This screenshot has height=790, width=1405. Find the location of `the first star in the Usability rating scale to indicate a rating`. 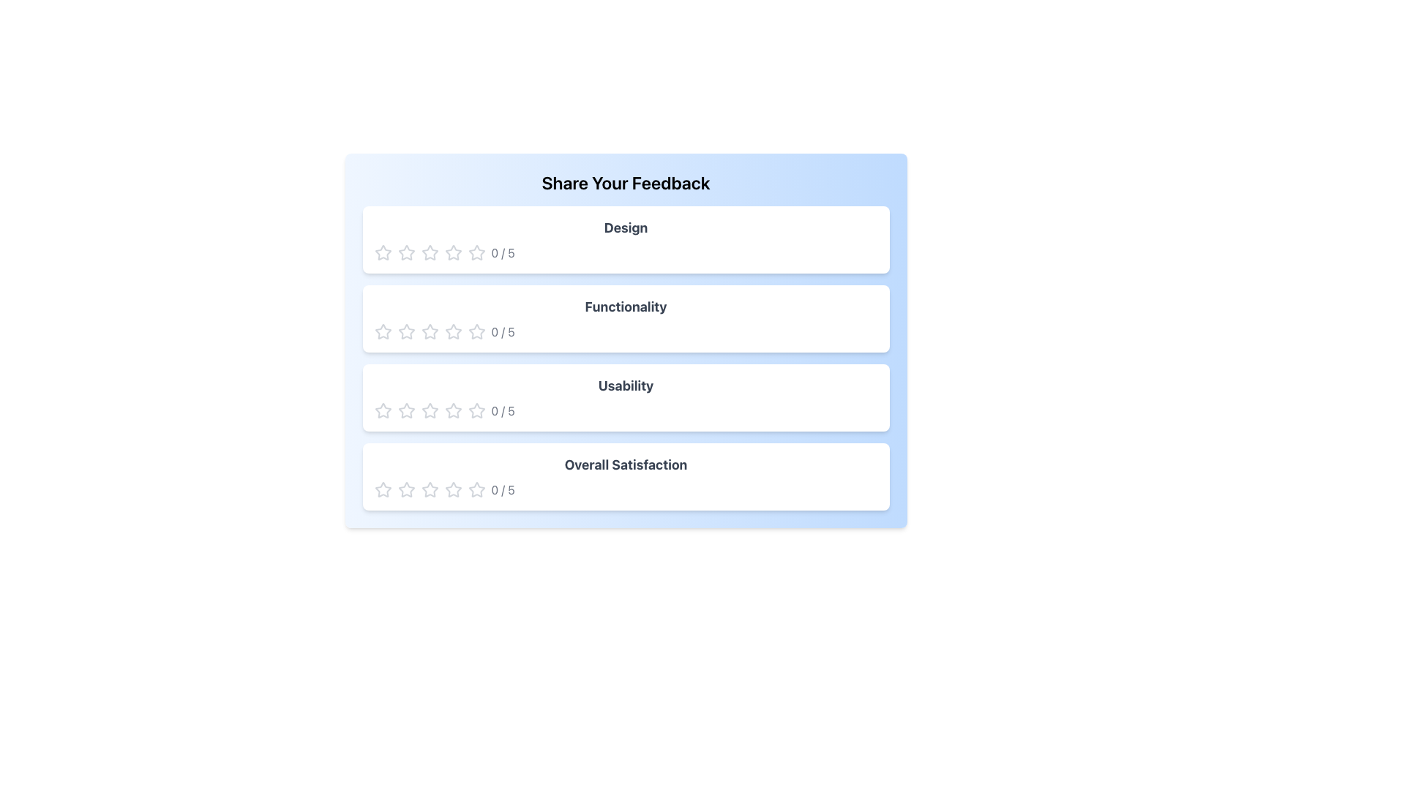

the first star in the Usability rating scale to indicate a rating is located at coordinates (429, 410).